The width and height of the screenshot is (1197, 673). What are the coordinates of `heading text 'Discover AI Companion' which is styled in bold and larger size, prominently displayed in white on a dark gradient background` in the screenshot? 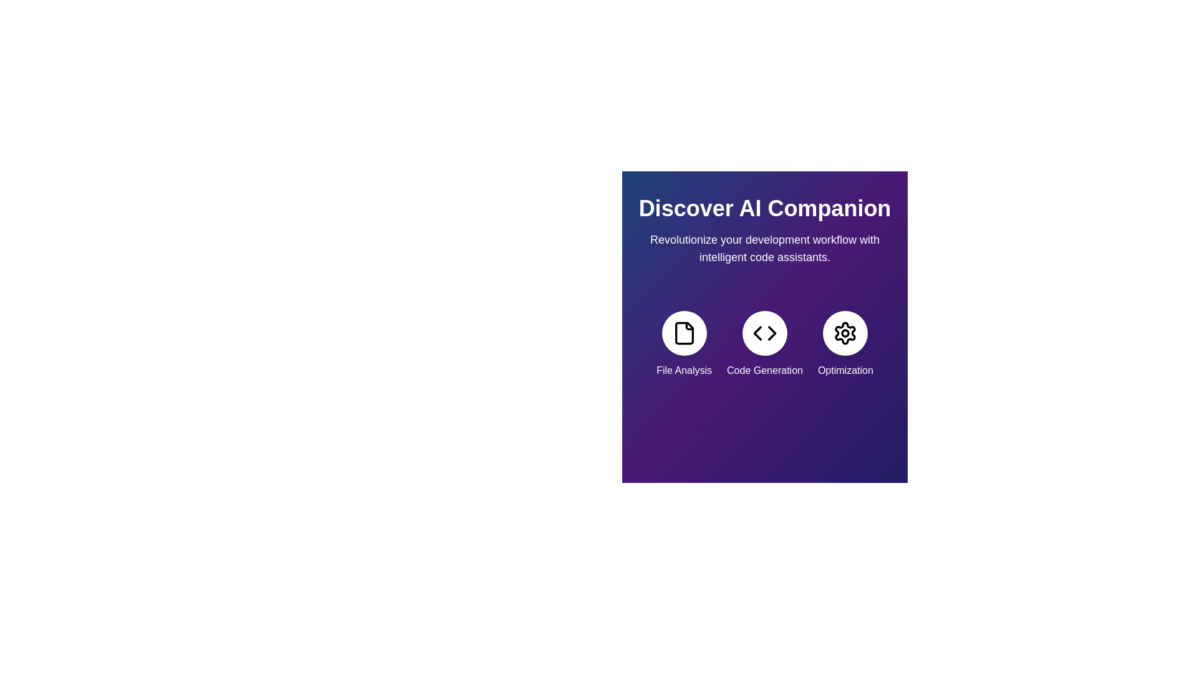 It's located at (764, 208).